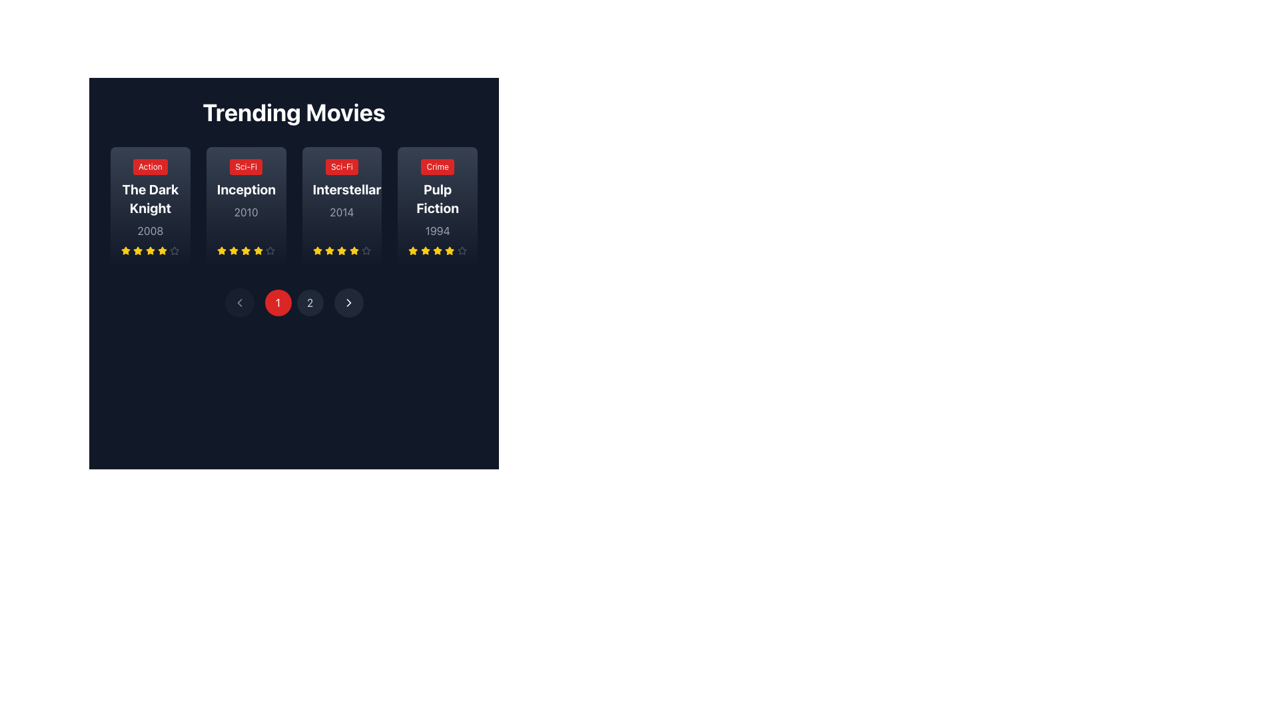  I want to click on the third star icon in the rating indicator for the movie 'Inception', so click(234, 250).